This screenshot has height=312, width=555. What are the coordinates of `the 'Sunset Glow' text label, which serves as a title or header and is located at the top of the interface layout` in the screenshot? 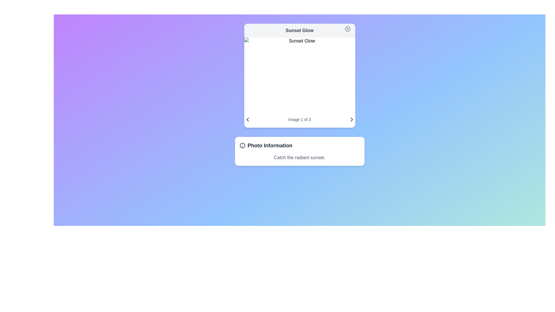 It's located at (299, 30).